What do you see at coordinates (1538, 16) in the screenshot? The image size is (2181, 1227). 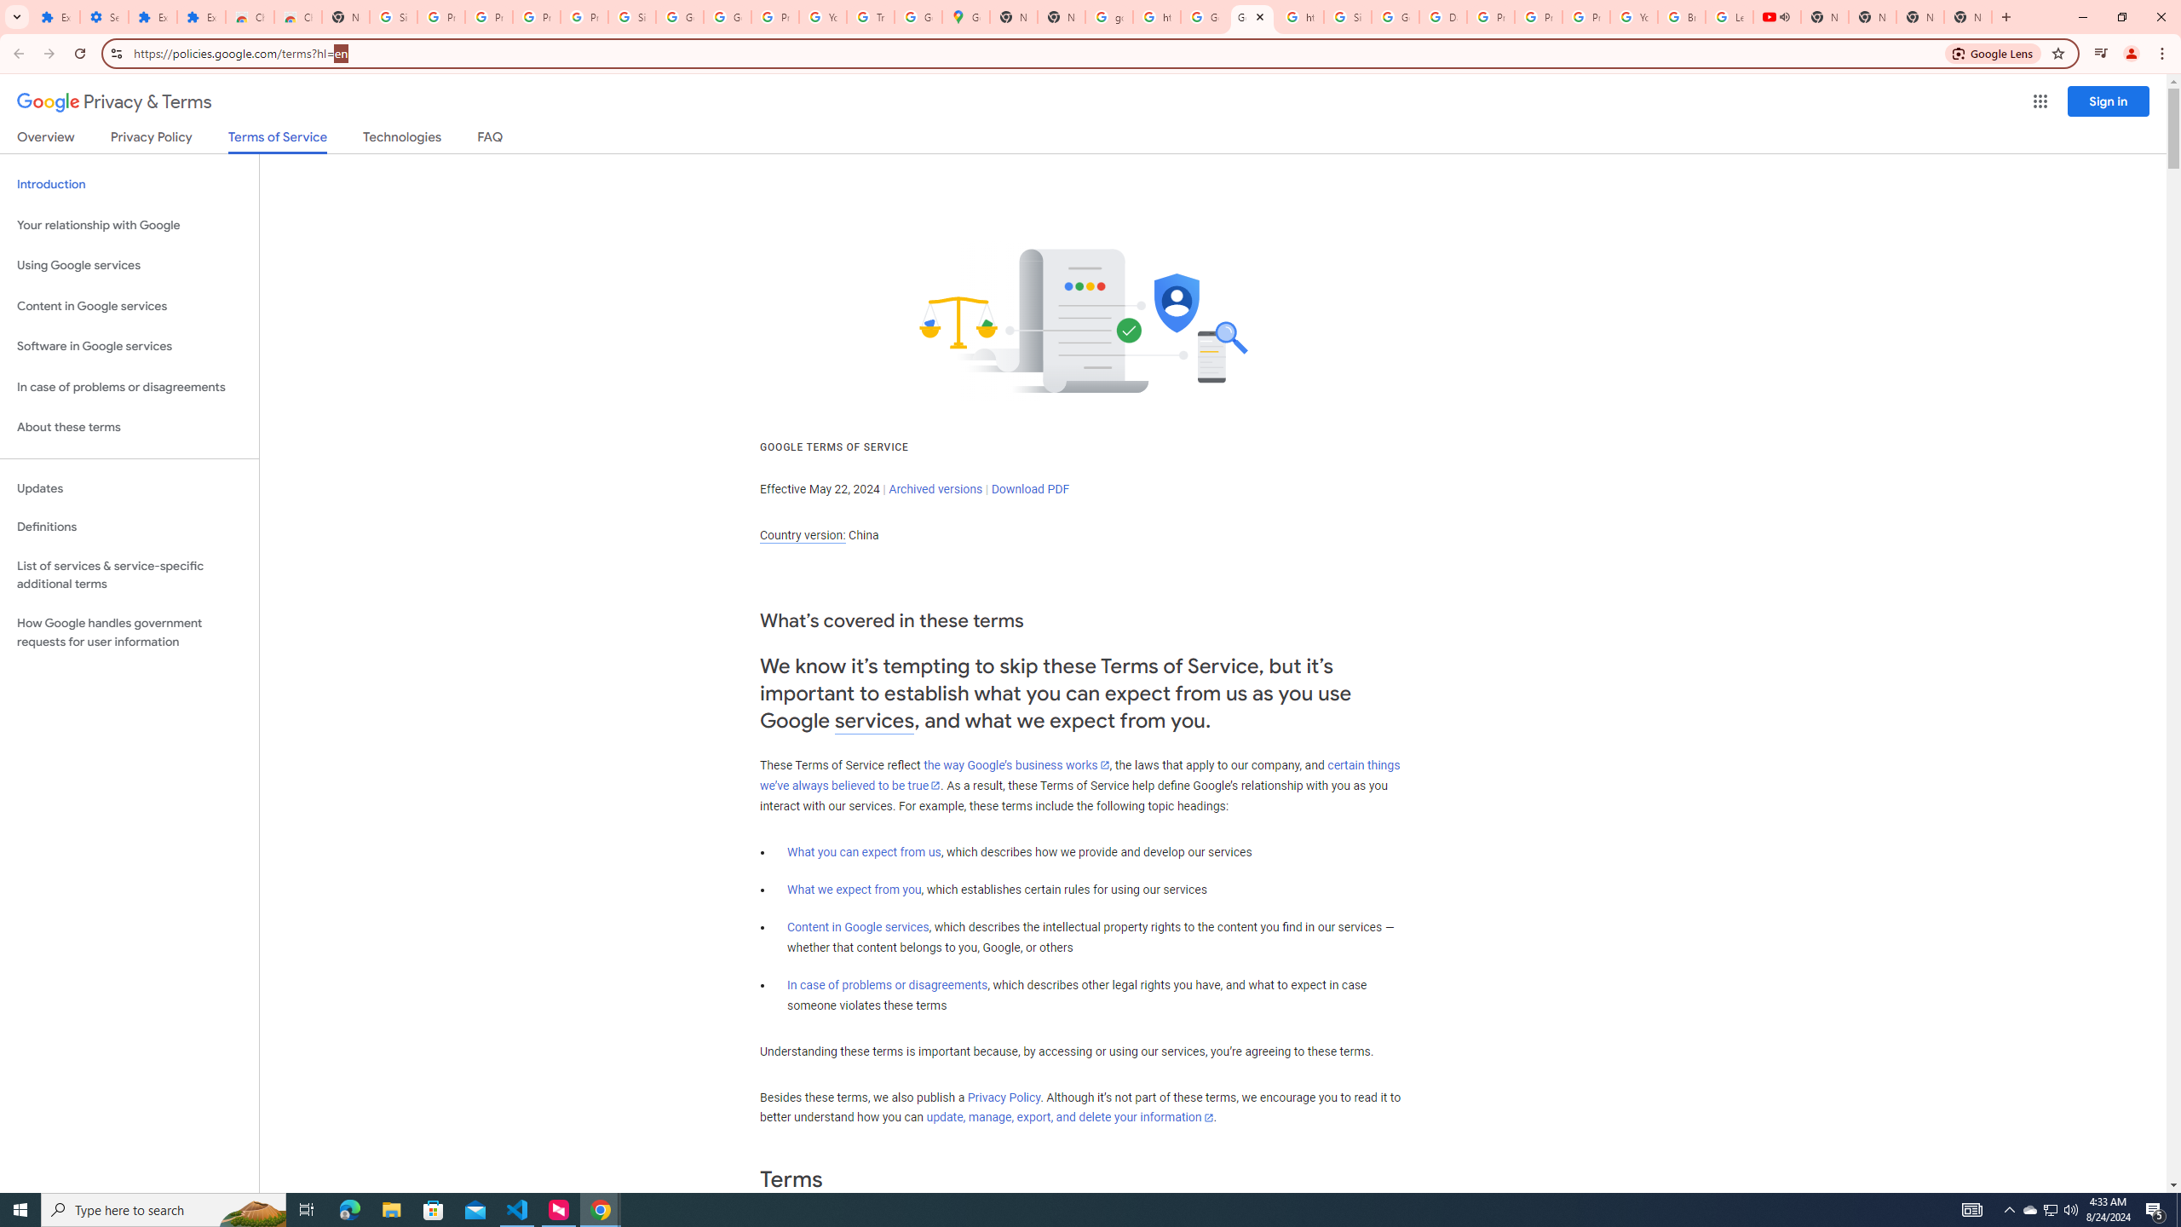 I see `'Privacy Help Center - Policies Help'` at bounding box center [1538, 16].